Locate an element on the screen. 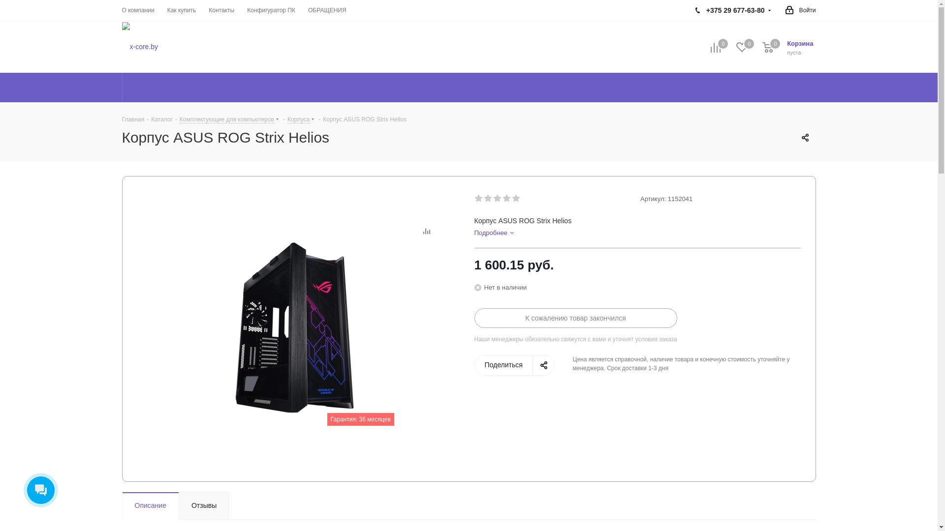  'x-core.by' is located at coordinates (122, 47).